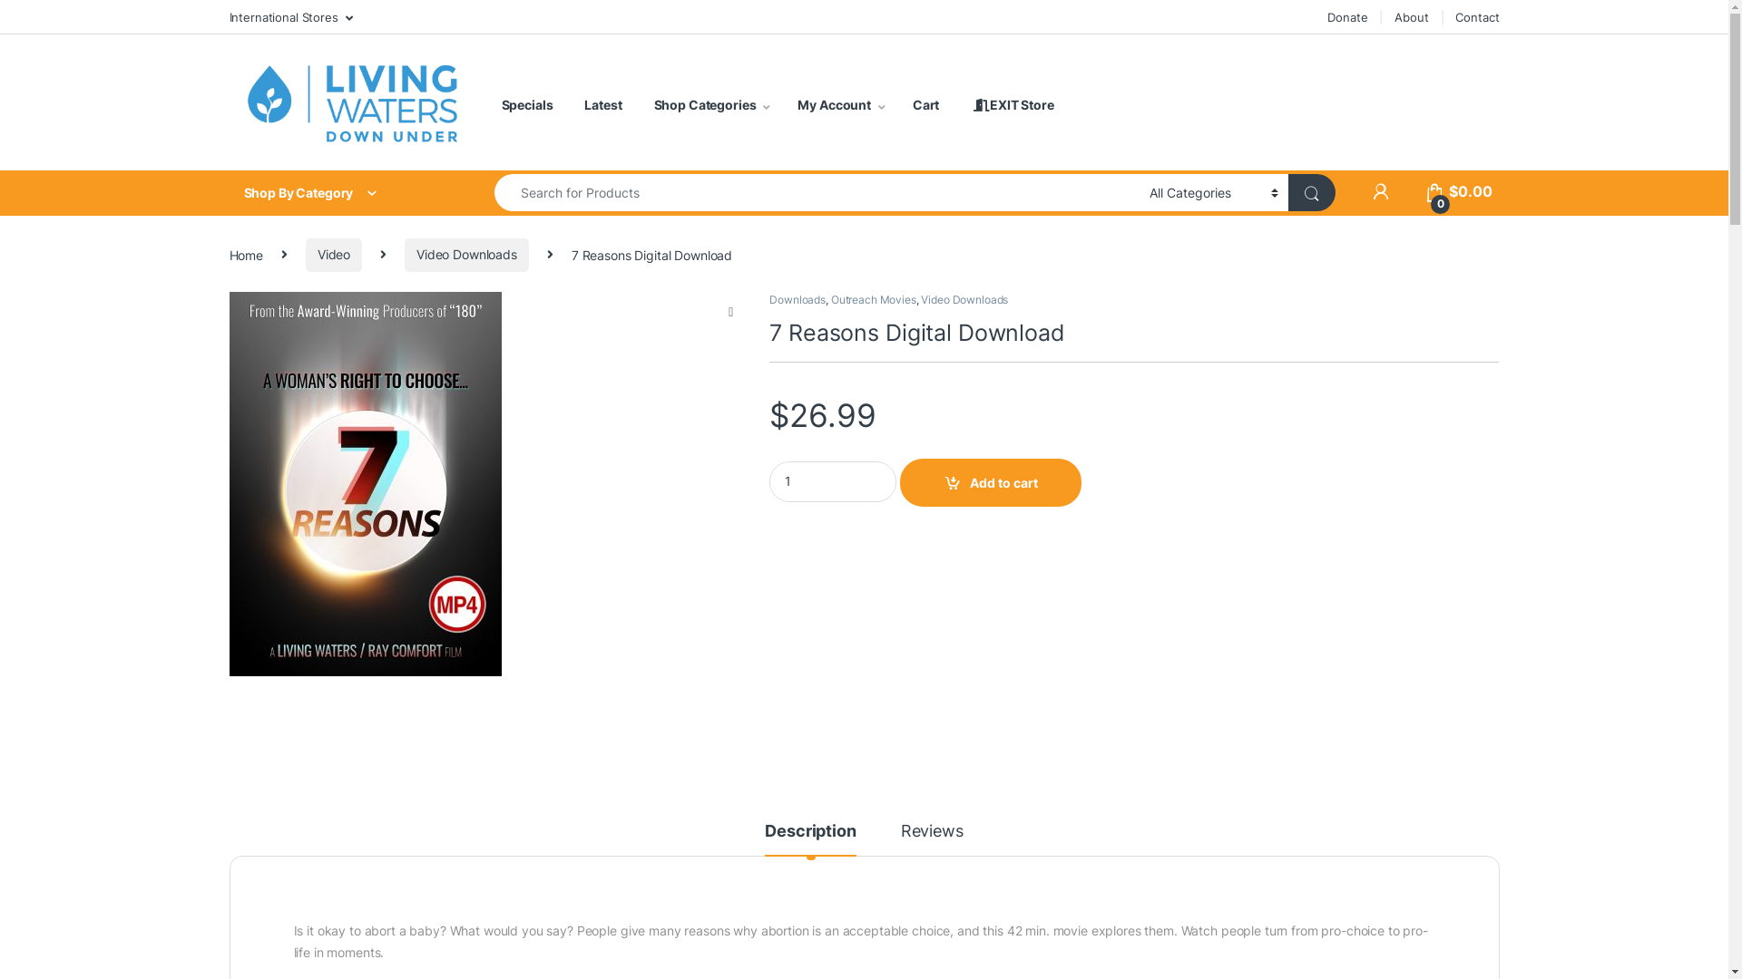  What do you see at coordinates (831, 480) in the screenshot?
I see `'Qty'` at bounding box center [831, 480].